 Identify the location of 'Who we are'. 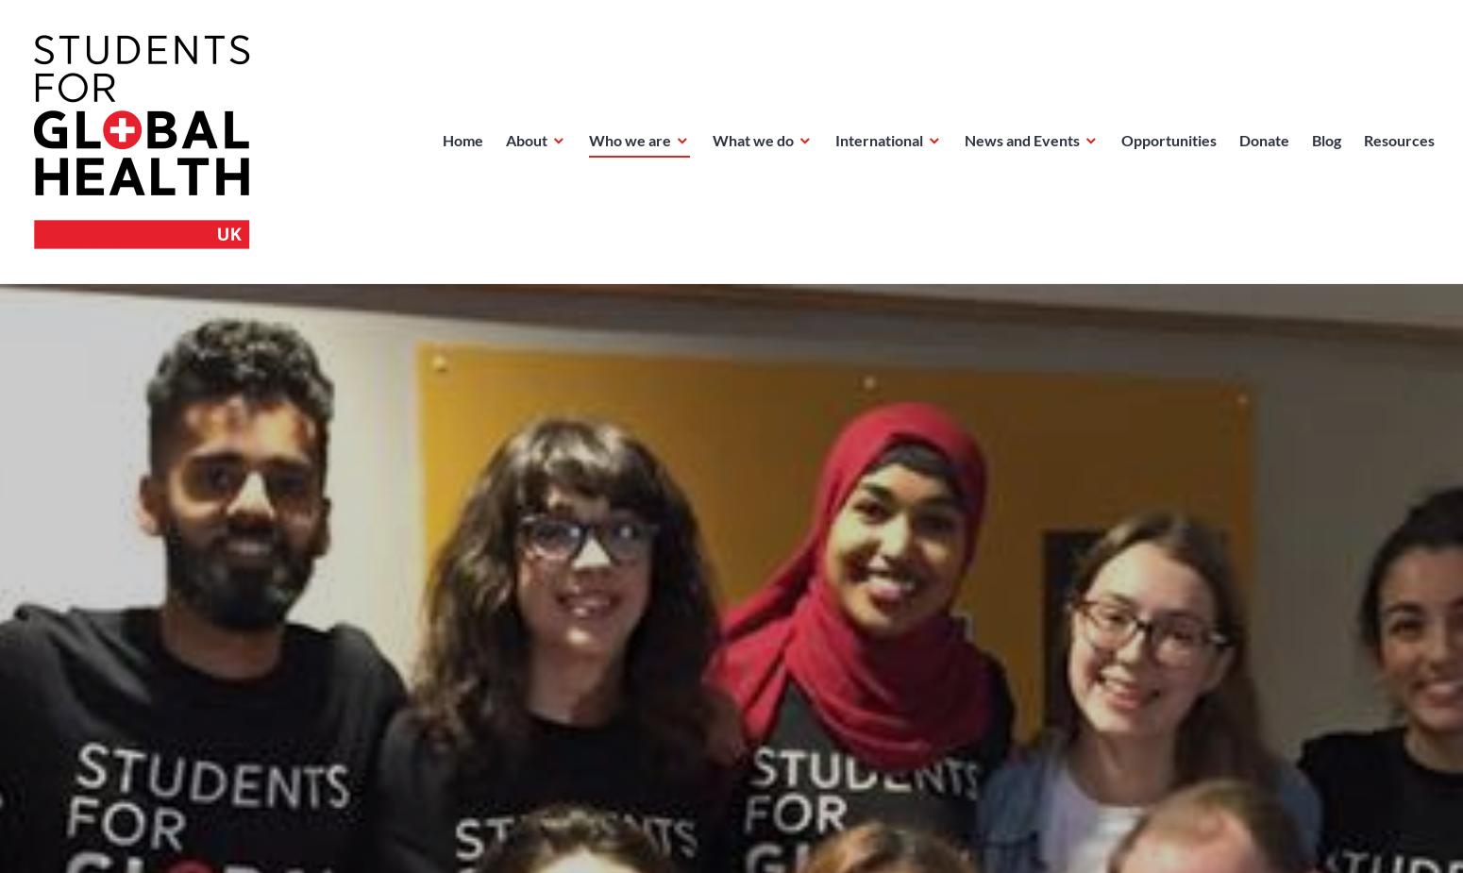
(629, 139).